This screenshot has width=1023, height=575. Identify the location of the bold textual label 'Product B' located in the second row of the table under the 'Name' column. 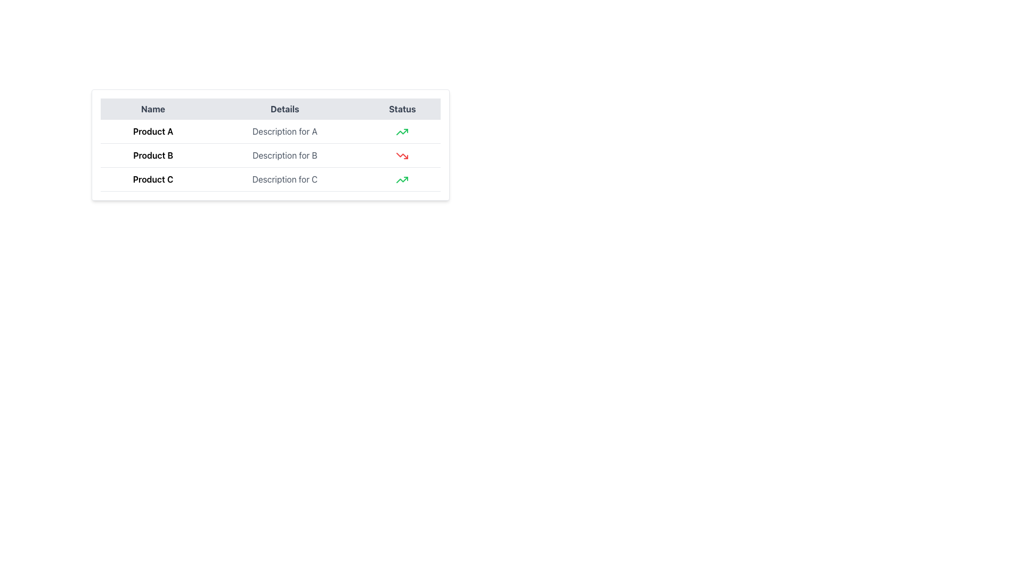
(152, 155).